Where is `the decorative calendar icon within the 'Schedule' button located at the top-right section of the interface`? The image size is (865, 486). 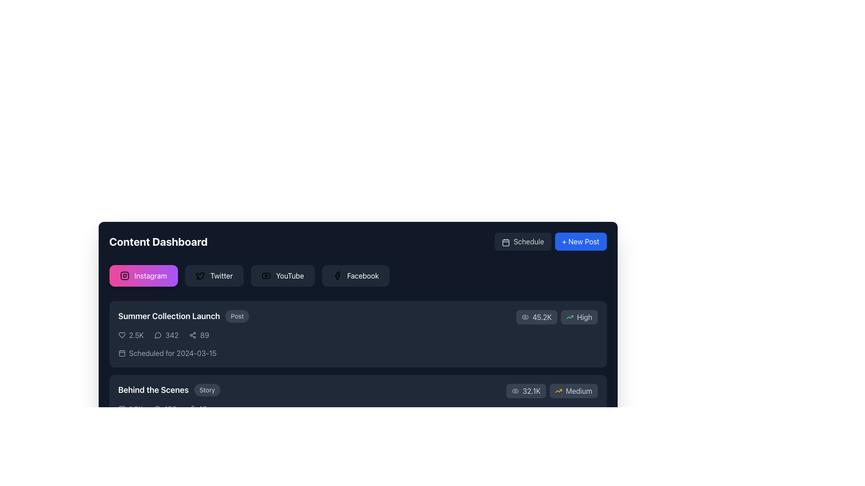 the decorative calendar icon within the 'Schedule' button located at the top-right section of the interface is located at coordinates (506, 242).